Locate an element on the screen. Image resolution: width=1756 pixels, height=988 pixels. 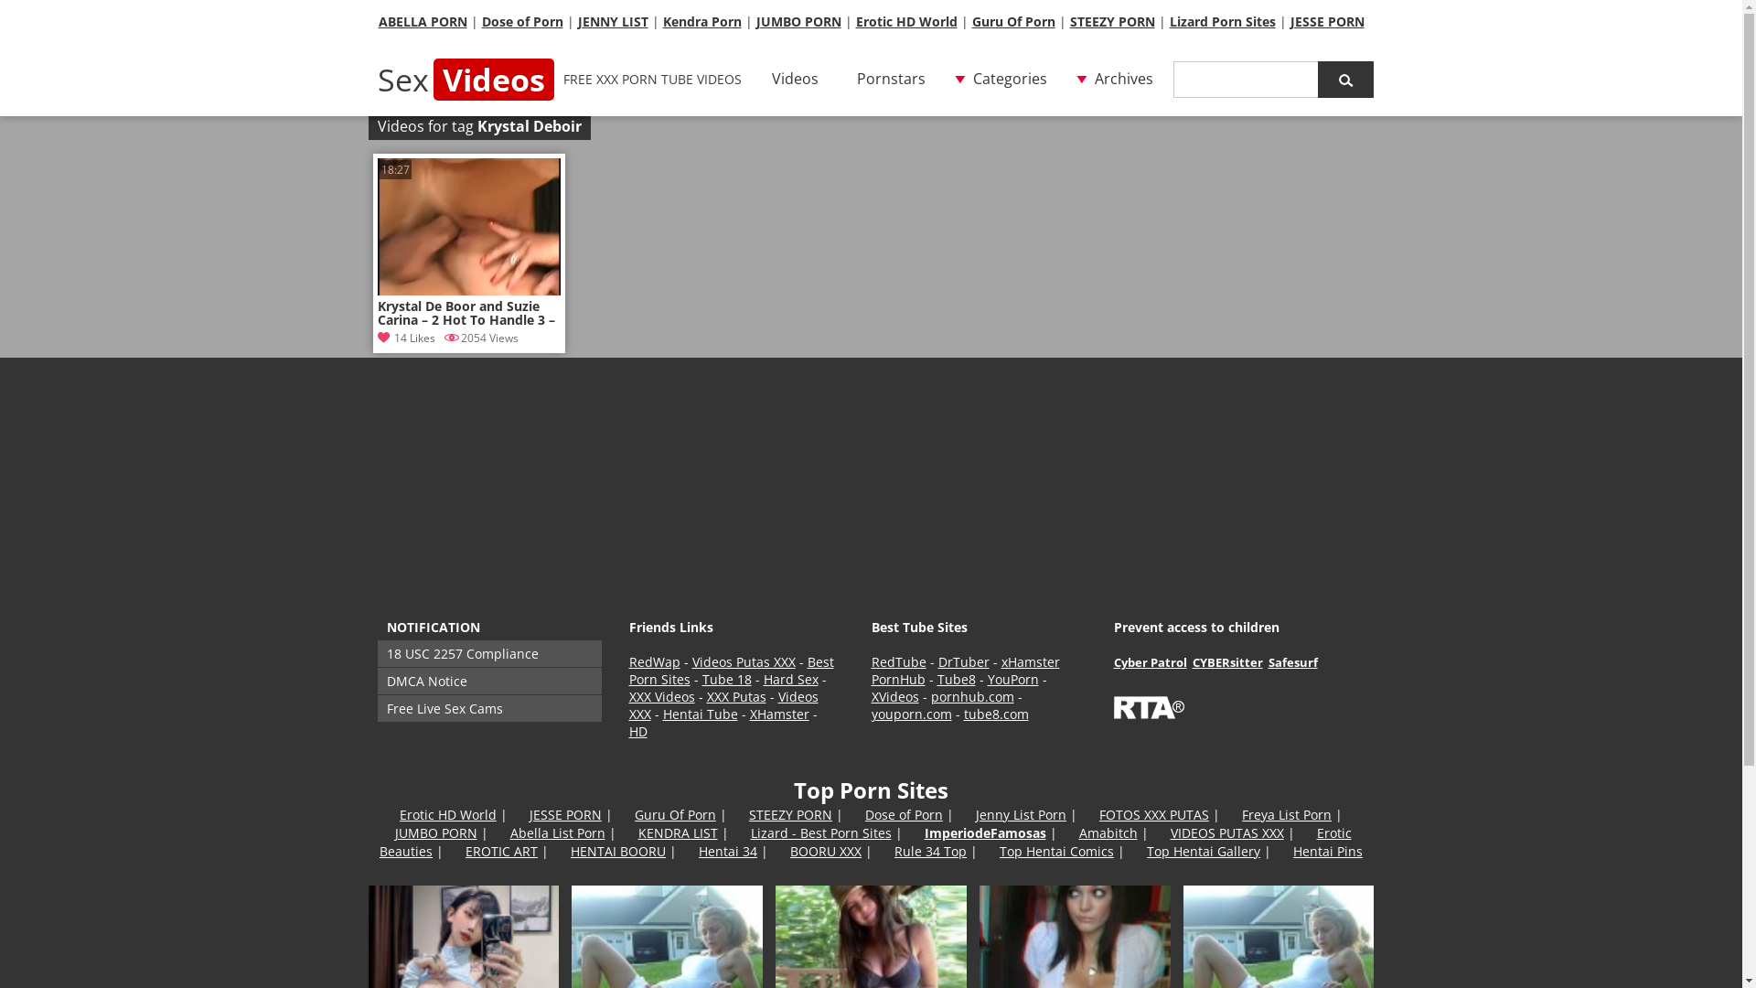
'HD' is located at coordinates (637, 730).